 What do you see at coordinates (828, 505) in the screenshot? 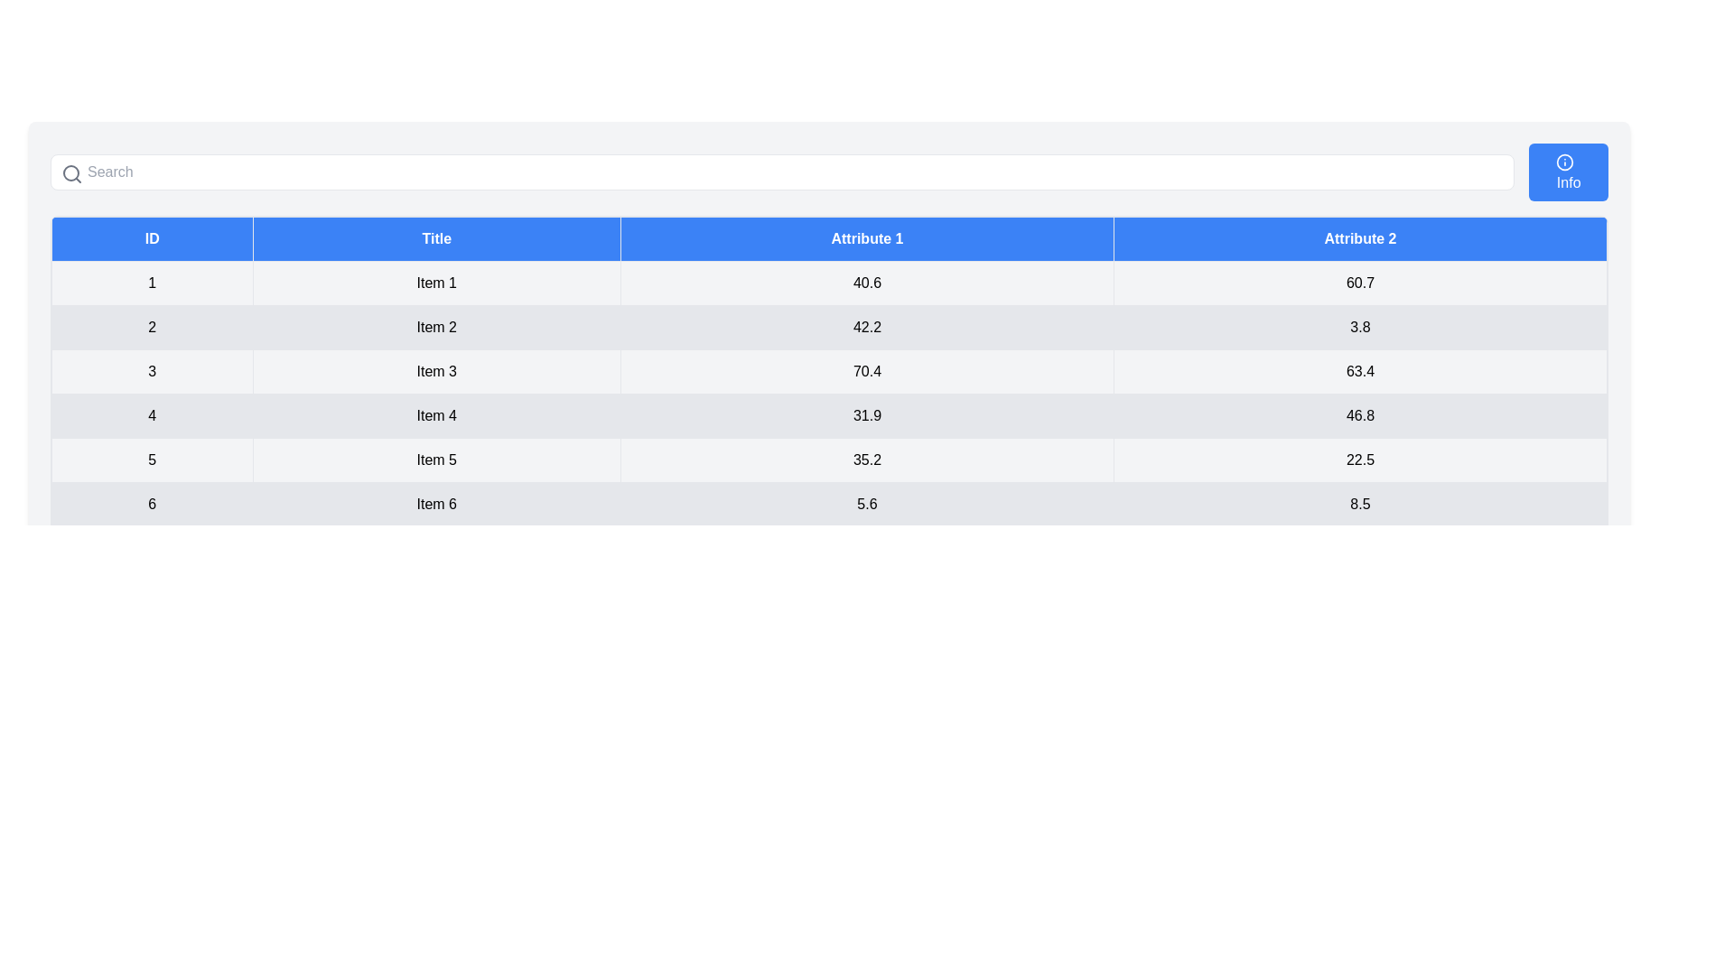
I see `the row corresponding to the ID 6 in the table` at bounding box center [828, 505].